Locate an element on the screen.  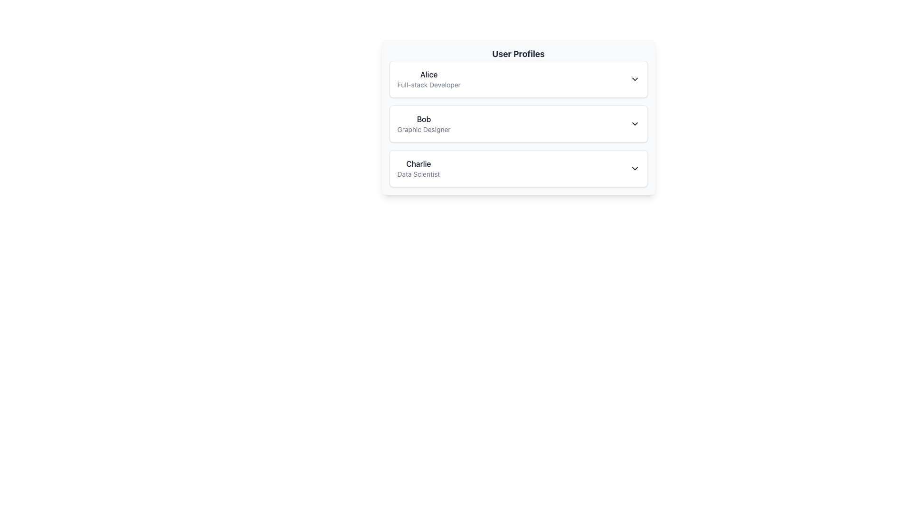
the text element 'Bob' in the user profile list, styled with a medium font weight and gray color, located under the 'User Profiles' header is located at coordinates (423, 118).